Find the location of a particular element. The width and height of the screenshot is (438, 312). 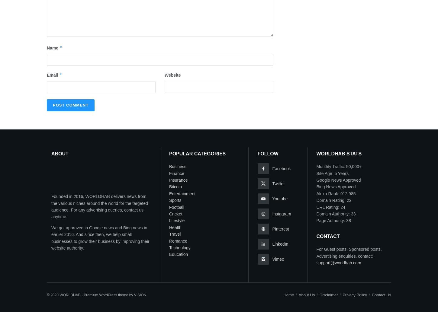

'Finance' is located at coordinates (176, 173).